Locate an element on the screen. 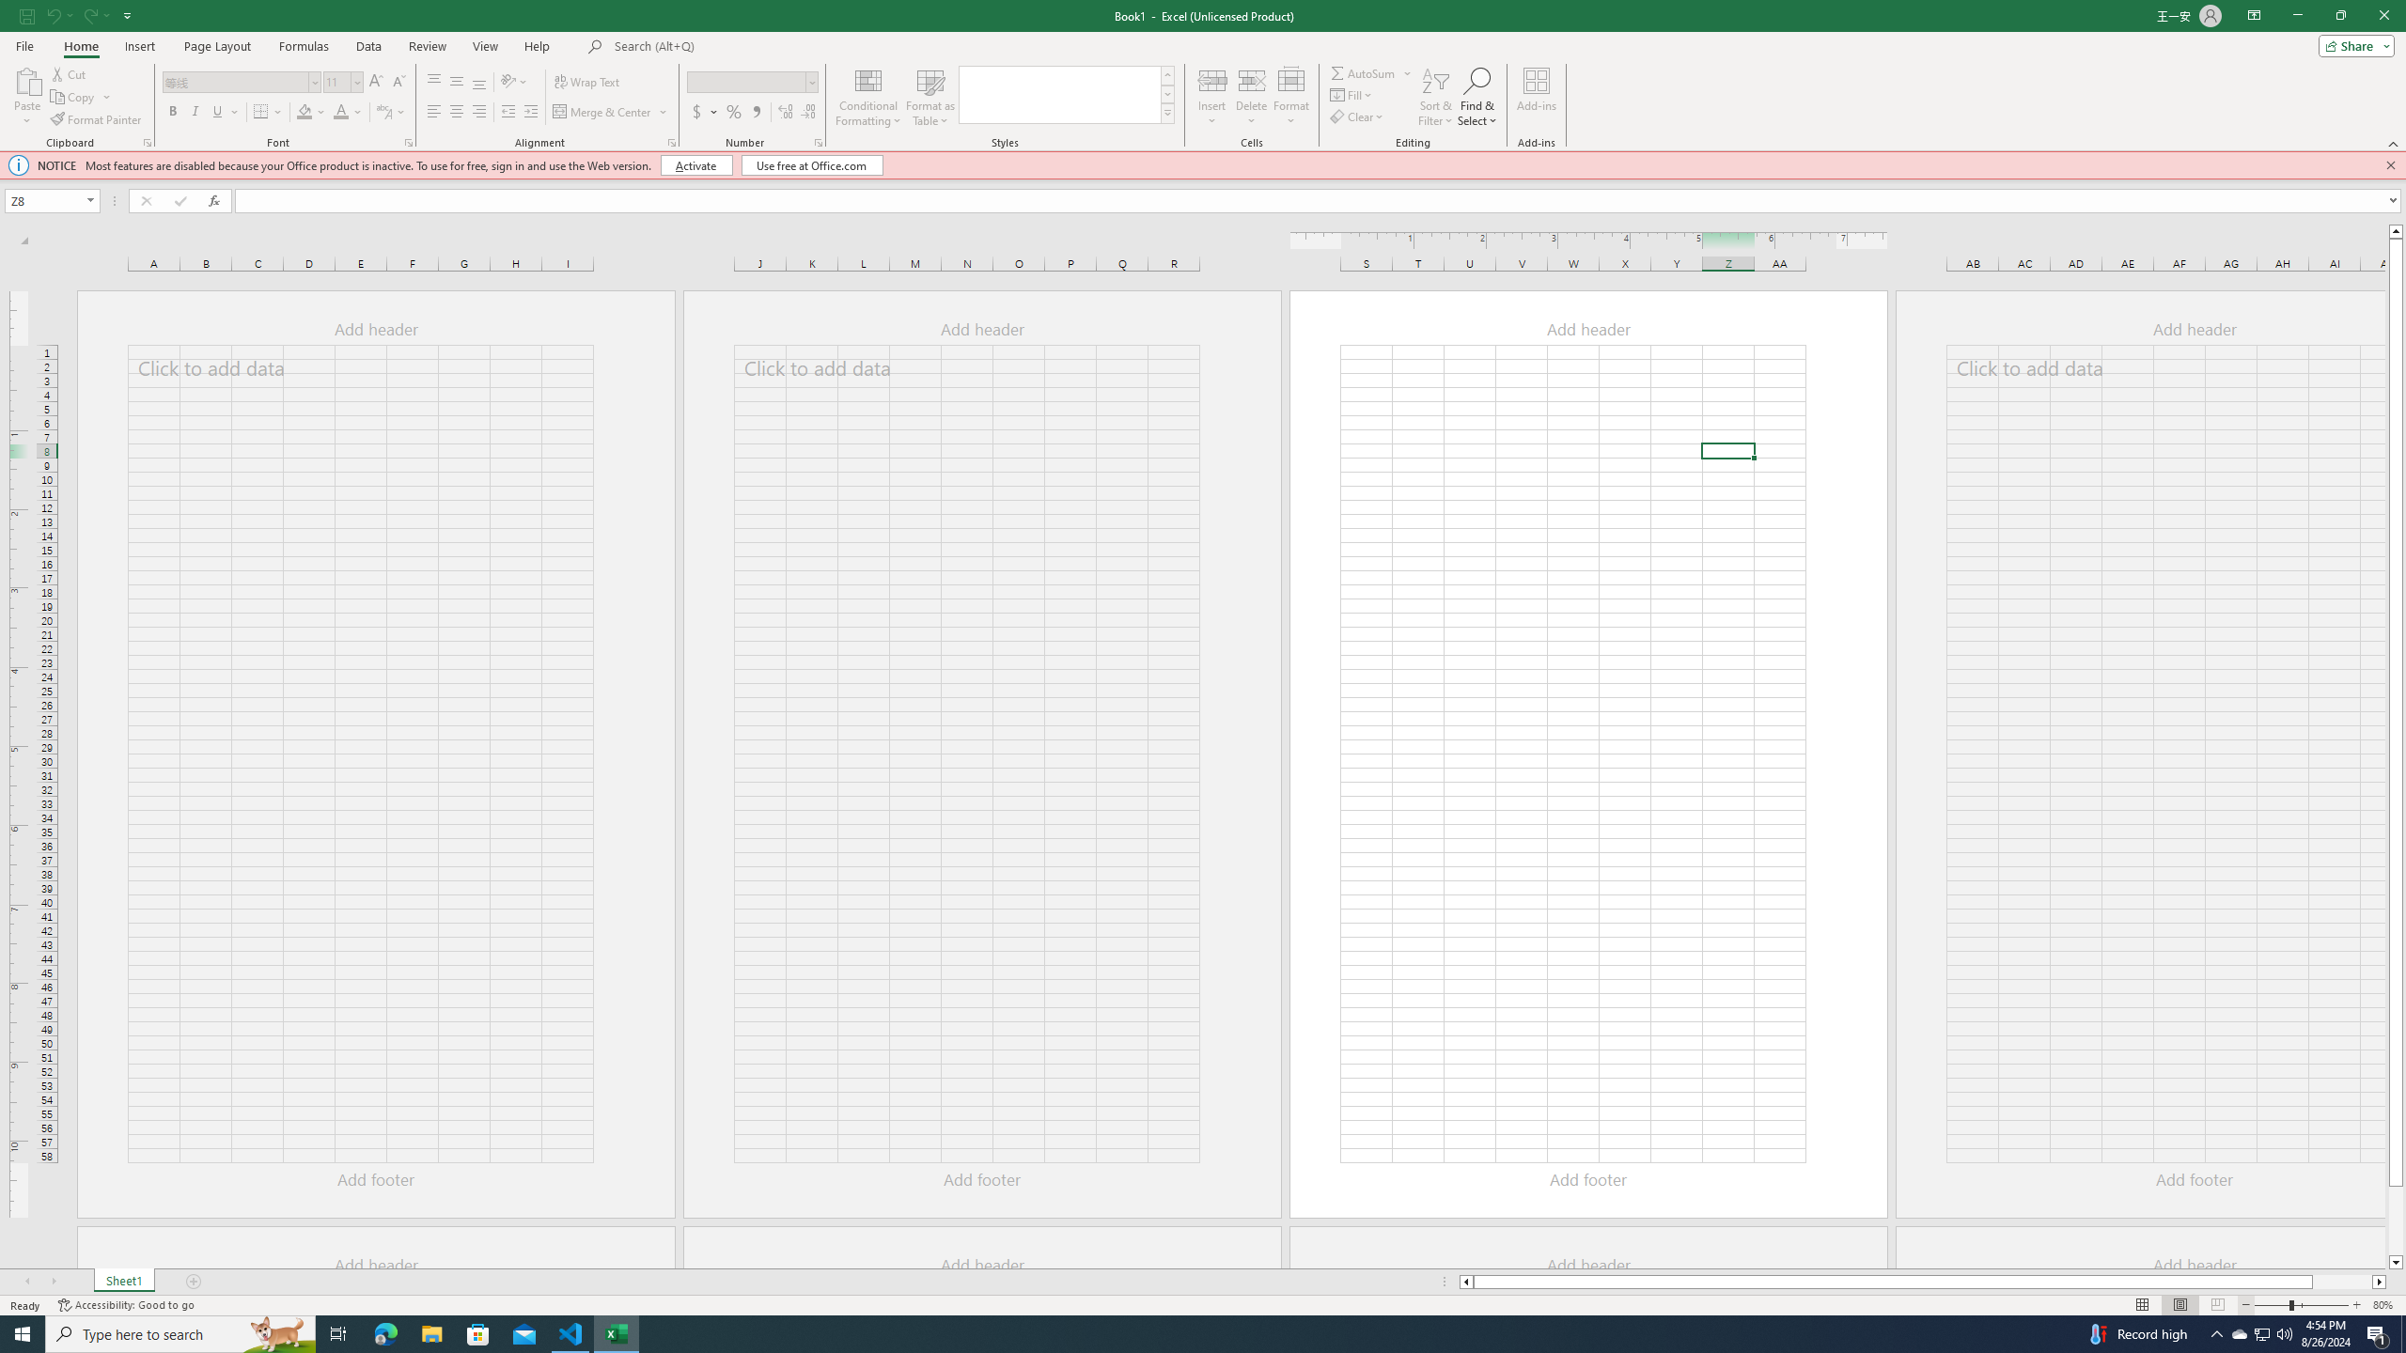  'Bottom Border' is located at coordinates (260, 111).